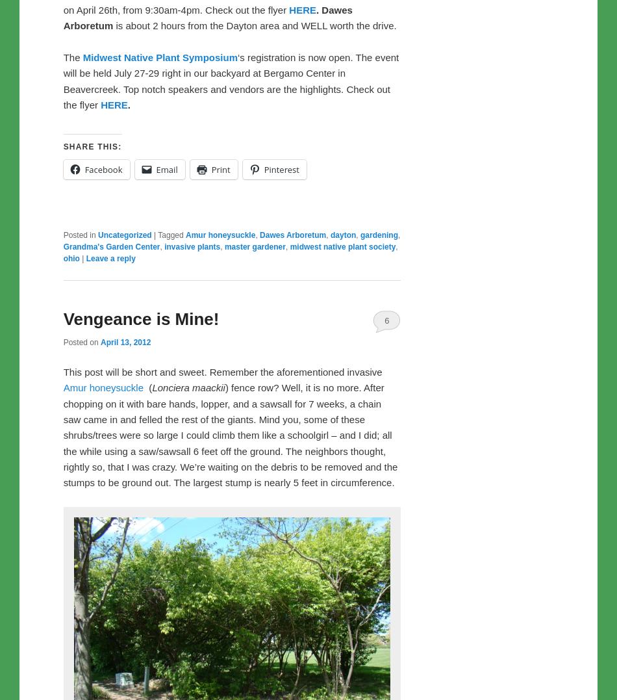 The image size is (617, 700). What do you see at coordinates (229, 434) in the screenshot?
I see `') fence row? Well, it is no more. After chopping on it with bare hands, lopper, and a sawsall for 7 weeks, a chain saw came in and felled the rest of the giants. Mind you, some of these shrubs/trees were so large I could climb them like a schoolgirl – and I did; all the while using a saw/sawsall 6 feet off the ground. The neighbors thought, rightly so, that I was crazy. We’re waiting on the debris to be removed and the stumps to be ground out. The largest stump is nearly 5 feet in circumference.'` at bounding box center [229, 434].